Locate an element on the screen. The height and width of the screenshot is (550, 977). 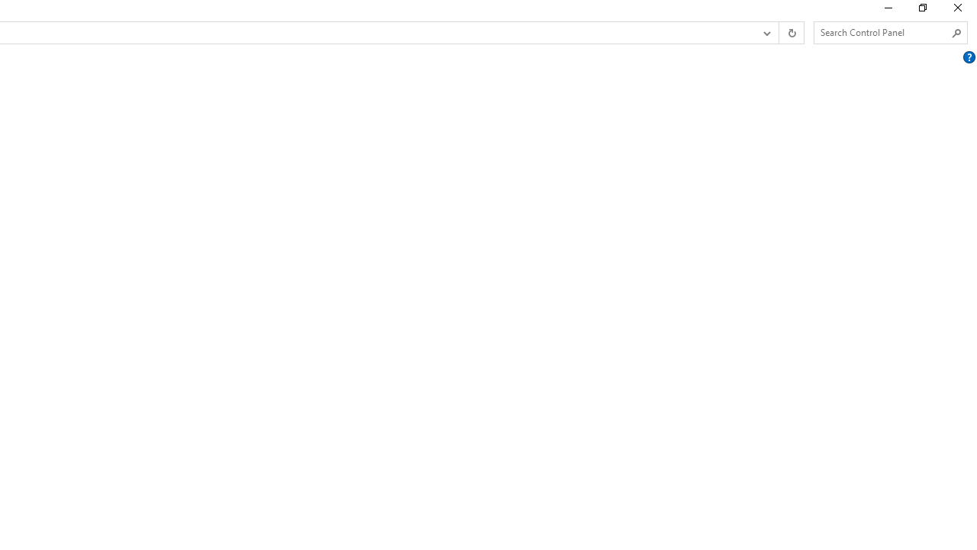
'Minimize' is located at coordinates (887, 11).